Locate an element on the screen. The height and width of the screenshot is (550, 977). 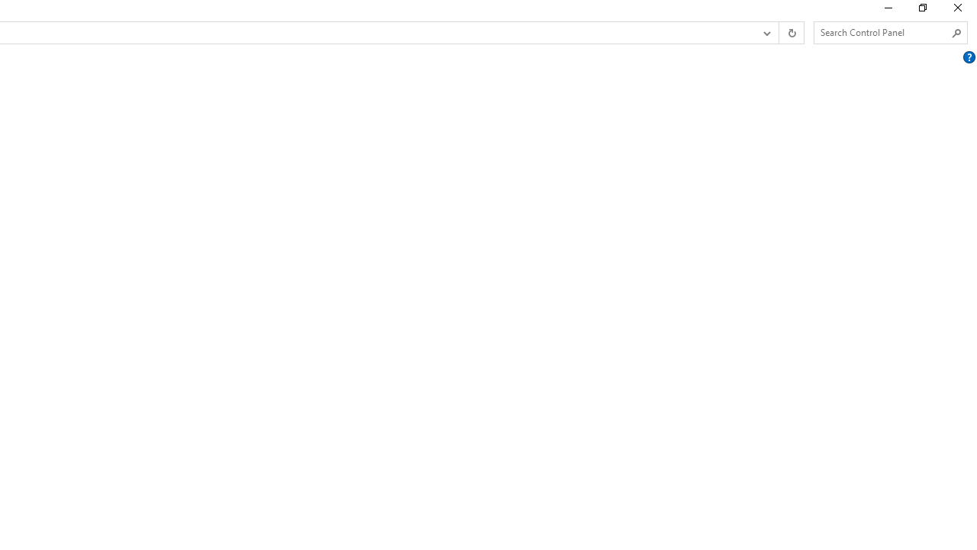
'Minimize' is located at coordinates (887, 11).